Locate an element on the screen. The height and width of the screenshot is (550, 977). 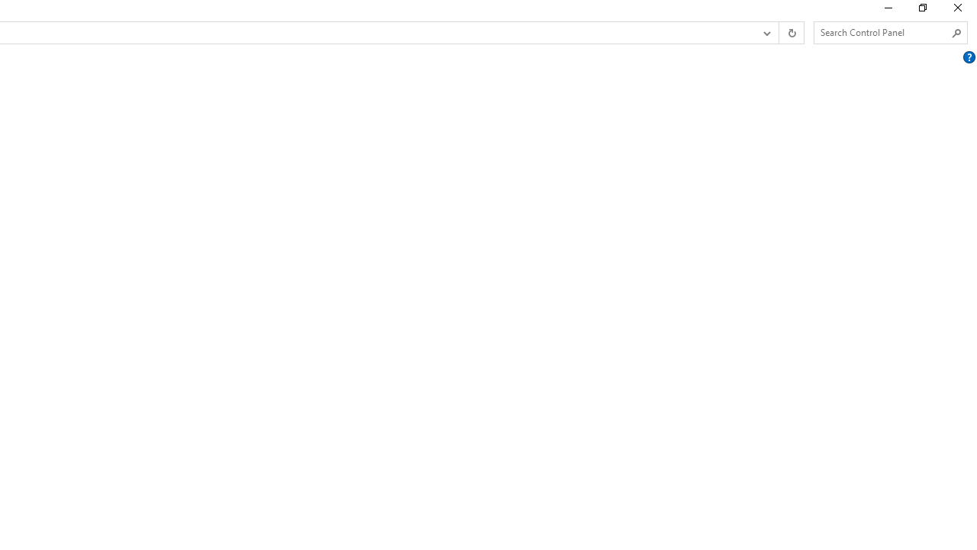
'Minimize' is located at coordinates (887, 11).